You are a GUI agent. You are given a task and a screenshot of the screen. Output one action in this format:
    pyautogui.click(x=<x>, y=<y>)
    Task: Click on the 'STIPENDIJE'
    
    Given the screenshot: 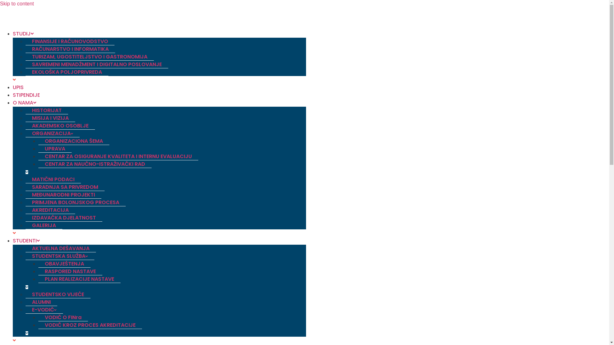 What is the action you would take?
    pyautogui.click(x=26, y=95)
    